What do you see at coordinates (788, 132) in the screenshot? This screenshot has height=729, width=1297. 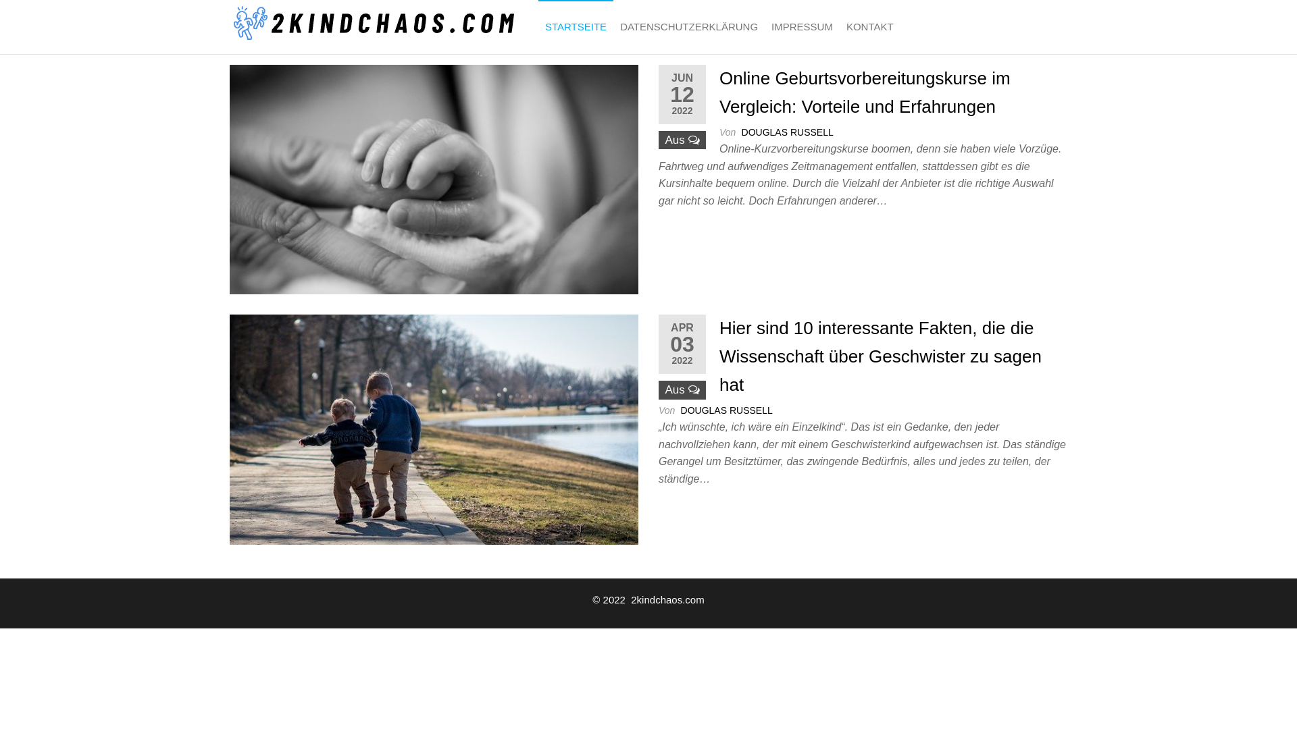 I see `'DOUGLAS RUSSELL'` at bounding box center [788, 132].